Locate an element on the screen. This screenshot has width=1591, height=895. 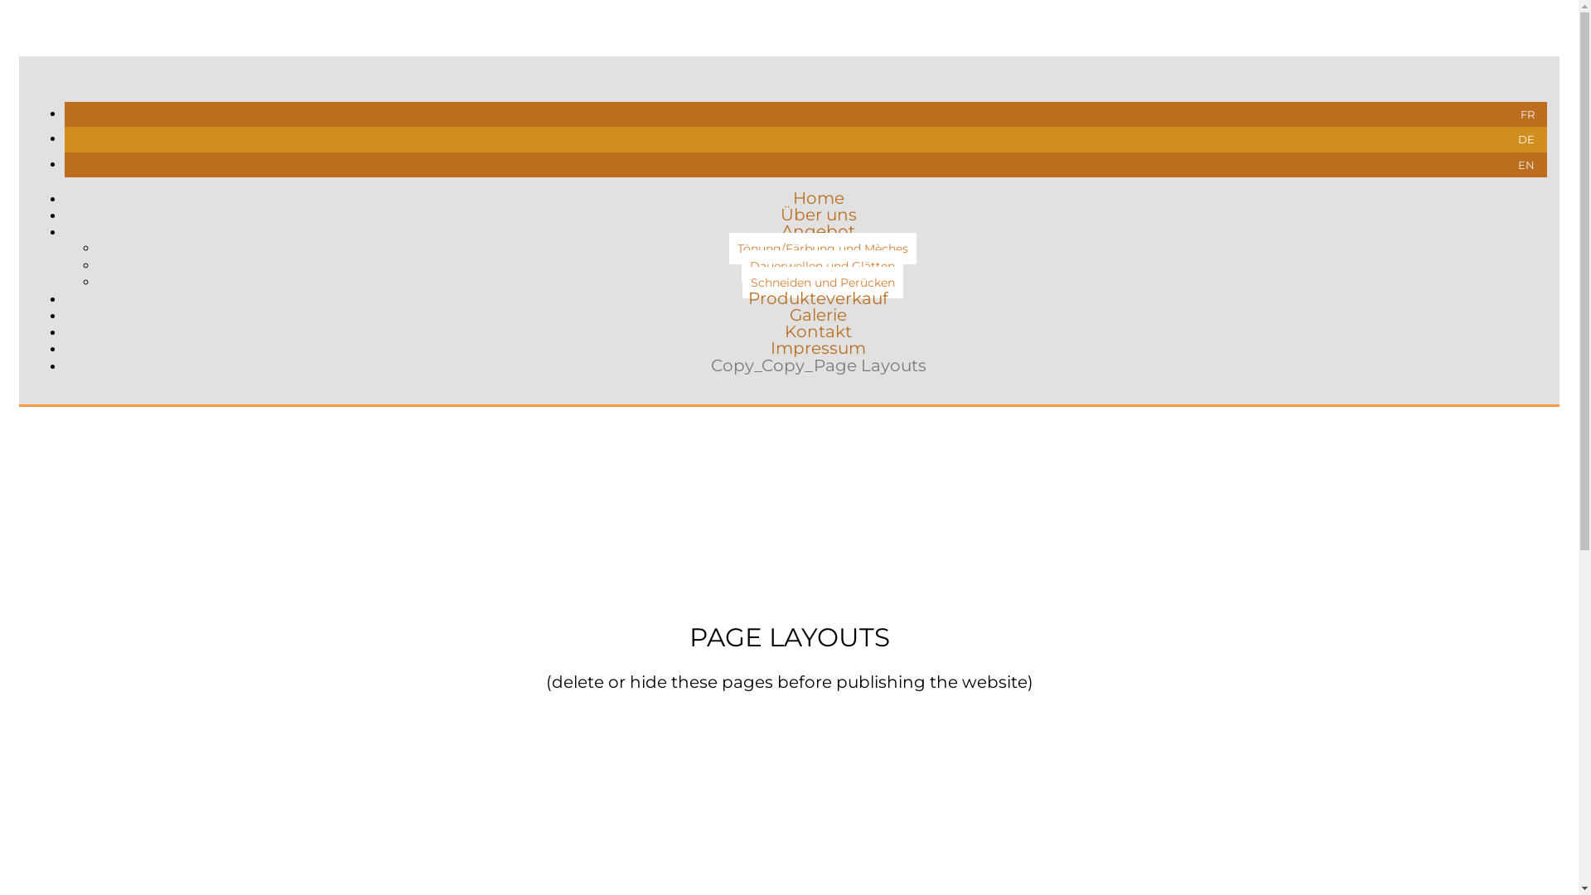
'Angebot' is located at coordinates (818, 230).